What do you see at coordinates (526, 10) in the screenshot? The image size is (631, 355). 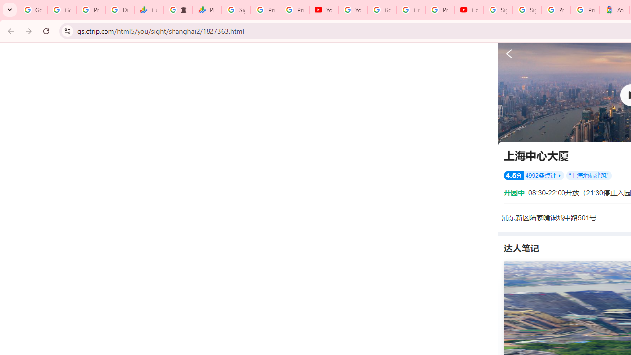 I see `'Sign in - Google Accounts'` at bounding box center [526, 10].